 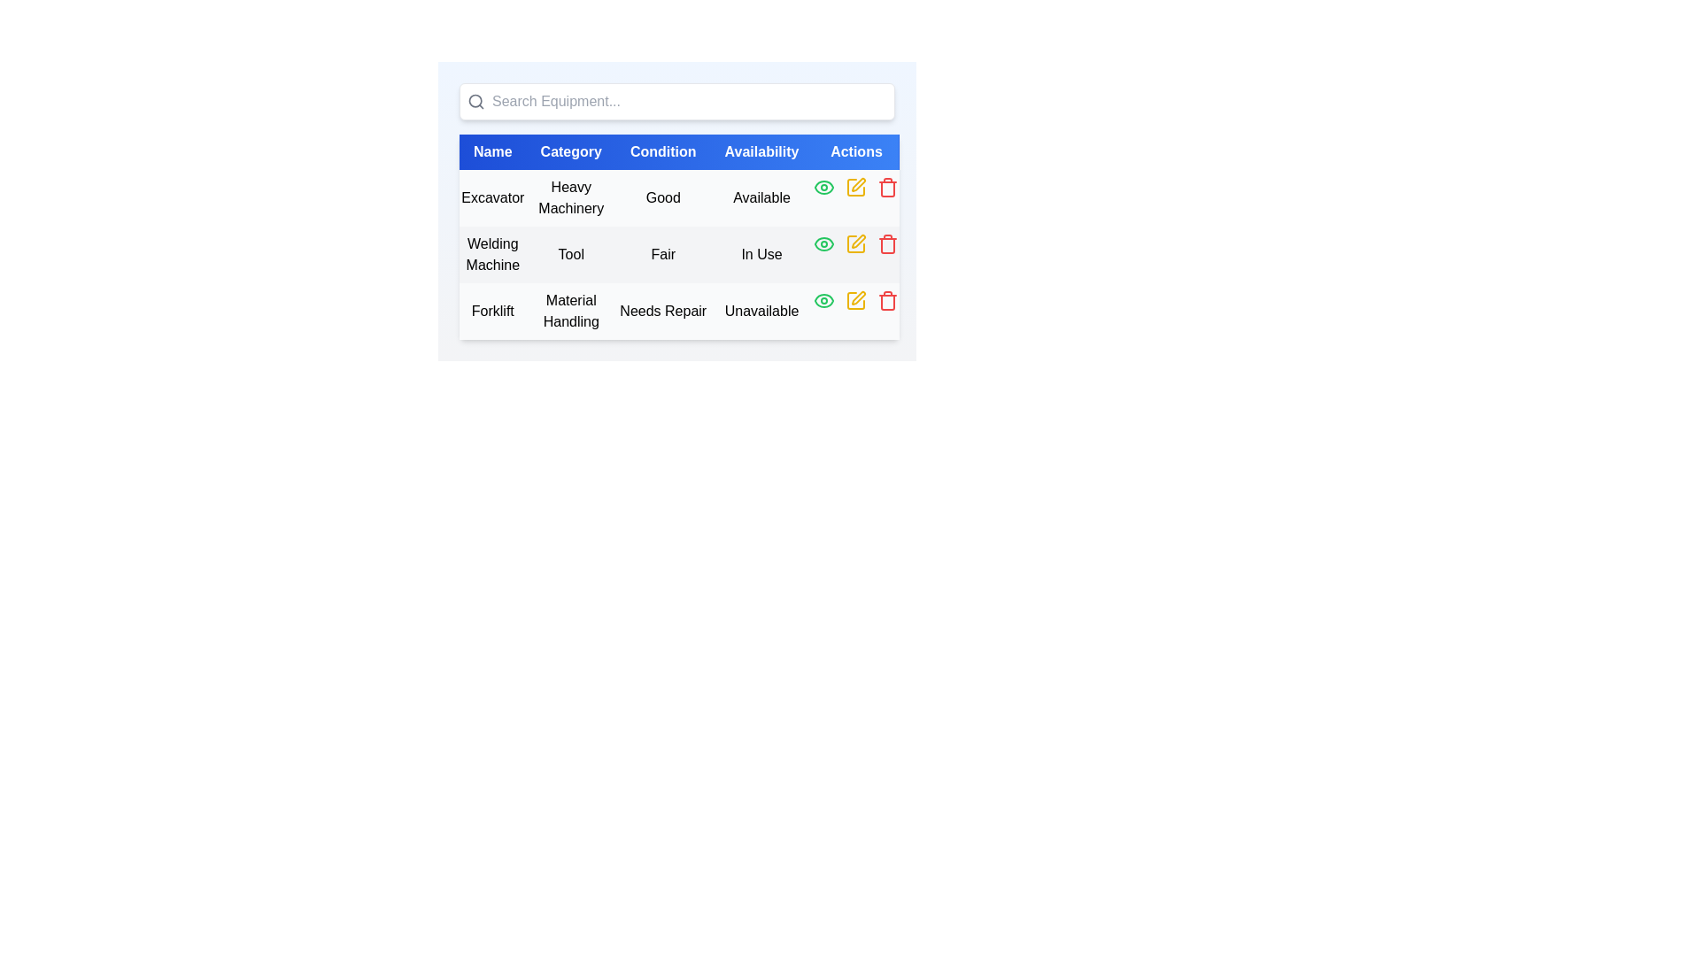 I want to click on the text label displaying 'Tool' in the second cell under the 'Category' column associated with the 'Welding Machine' row, so click(x=570, y=255).